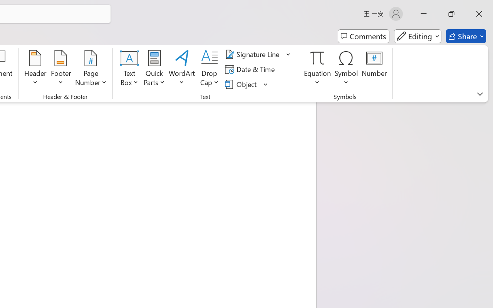 This screenshot has width=493, height=308. I want to click on 'Comments', so click(363, 36).